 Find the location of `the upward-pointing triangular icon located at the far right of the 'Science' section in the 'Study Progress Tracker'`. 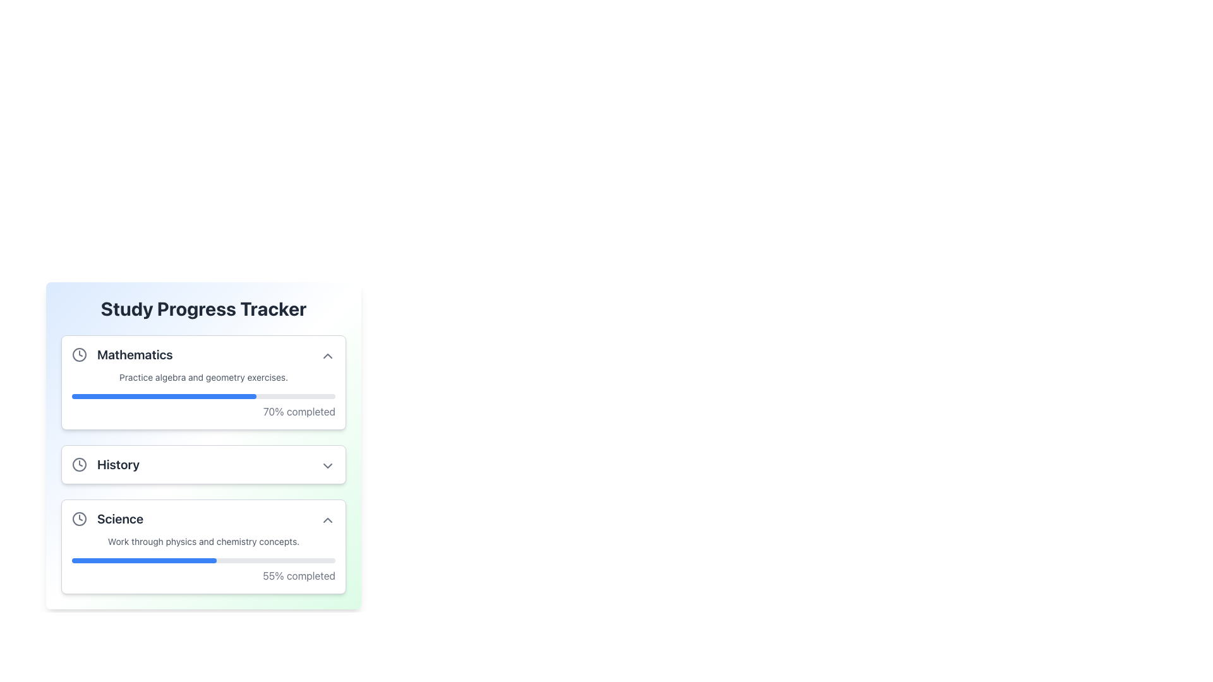

the upward-pointing triangular icon located at the far right of the 'Science' section in the 'Study Progress Tracker' is located at coordinates (327, 520).